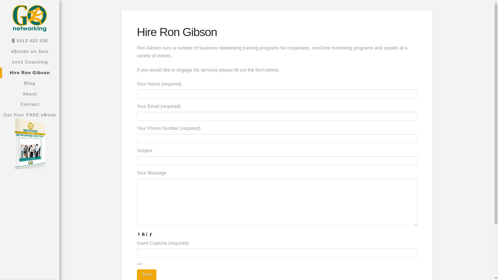 This screenshot has width=498, height=280. I want to click on '1on1 Coaching', so click(0, 62).